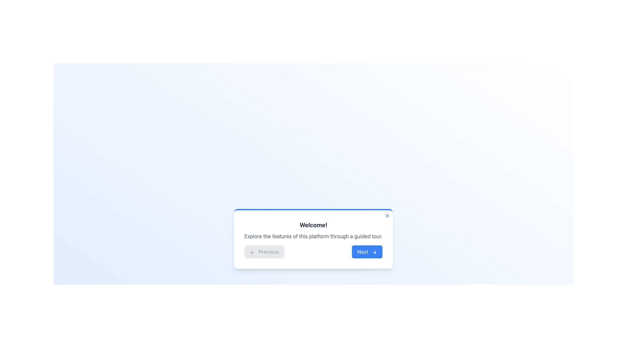  I want to click on the backward navigation icon located to the left of the 'Previous' button at the center bottom of the welcome modal, so click(252, 252).